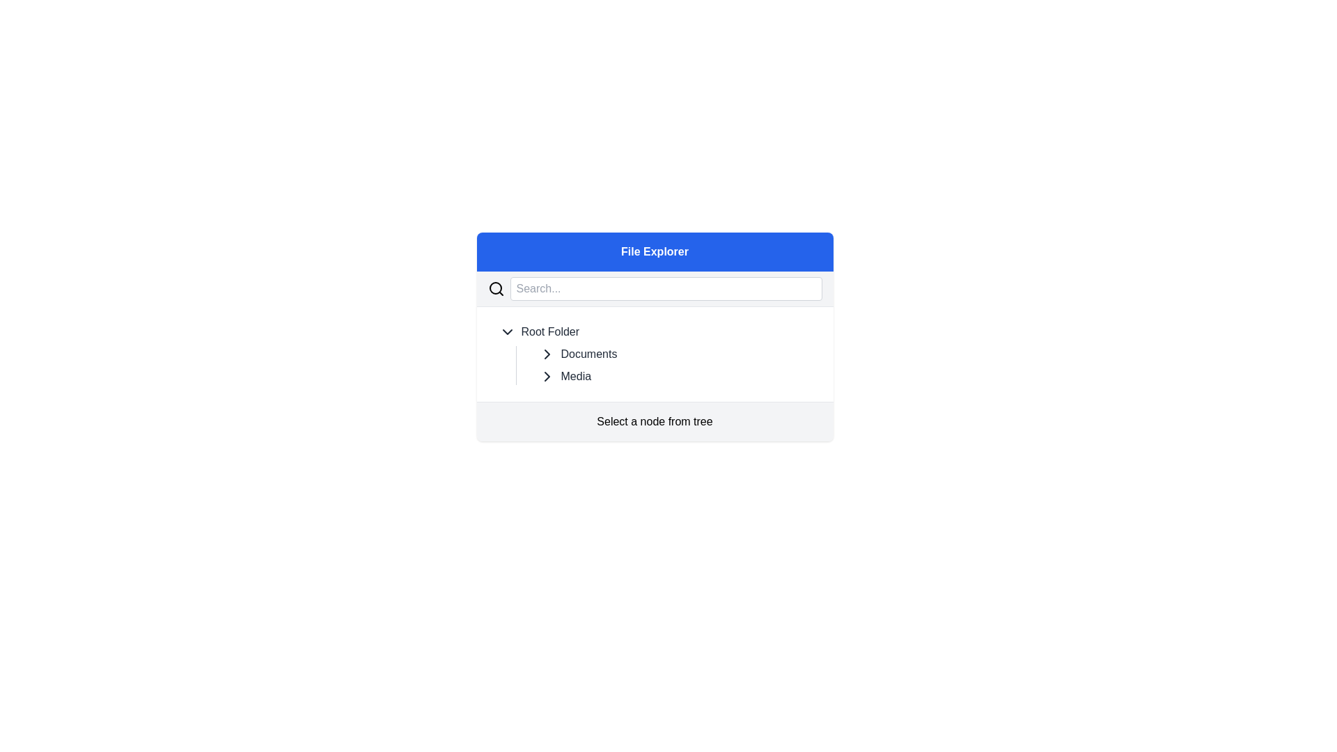 The height and width of the screenshot is (752, 1337). I want to click on the Chevron icon located to the left of the 'Media' label text in the tree view, so click(546, 376).